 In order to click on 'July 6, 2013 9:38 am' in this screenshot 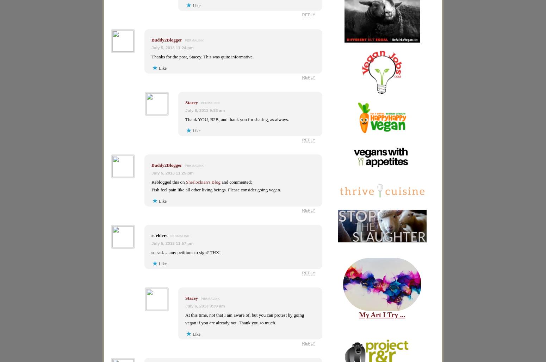, I will do `click(205, 110)`.